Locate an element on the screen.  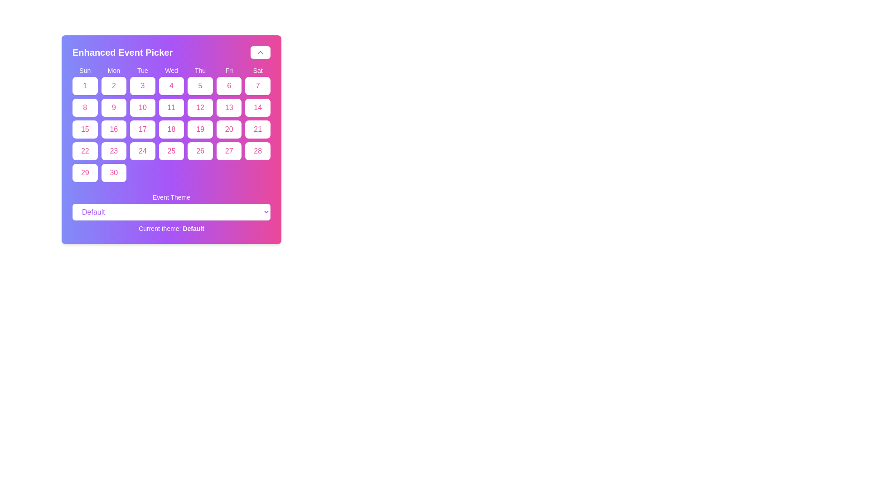
the button representing the 17th day of the month in the calendar is located at coordinates (142, 129).